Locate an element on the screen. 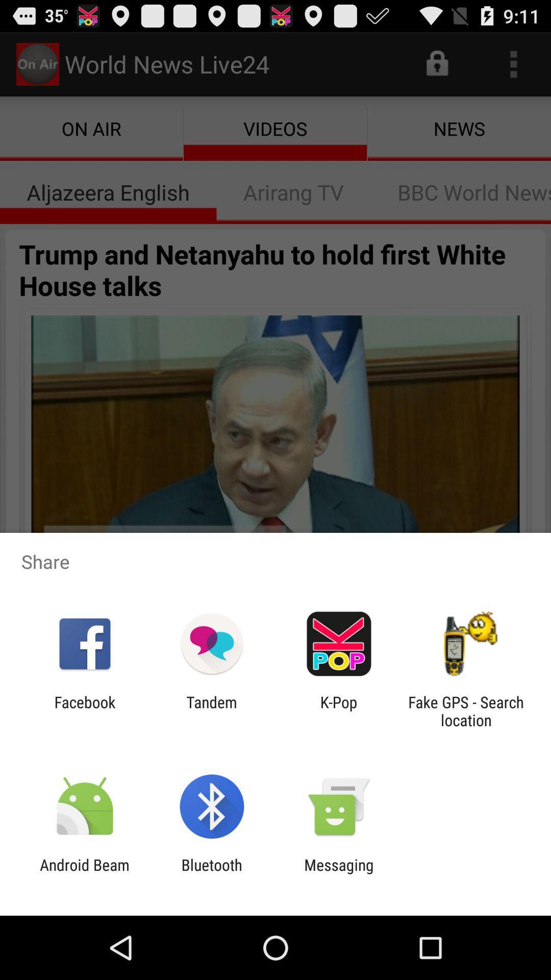 The image size is (551, 980). app next to facebook app is located at coordinates (211, 710).